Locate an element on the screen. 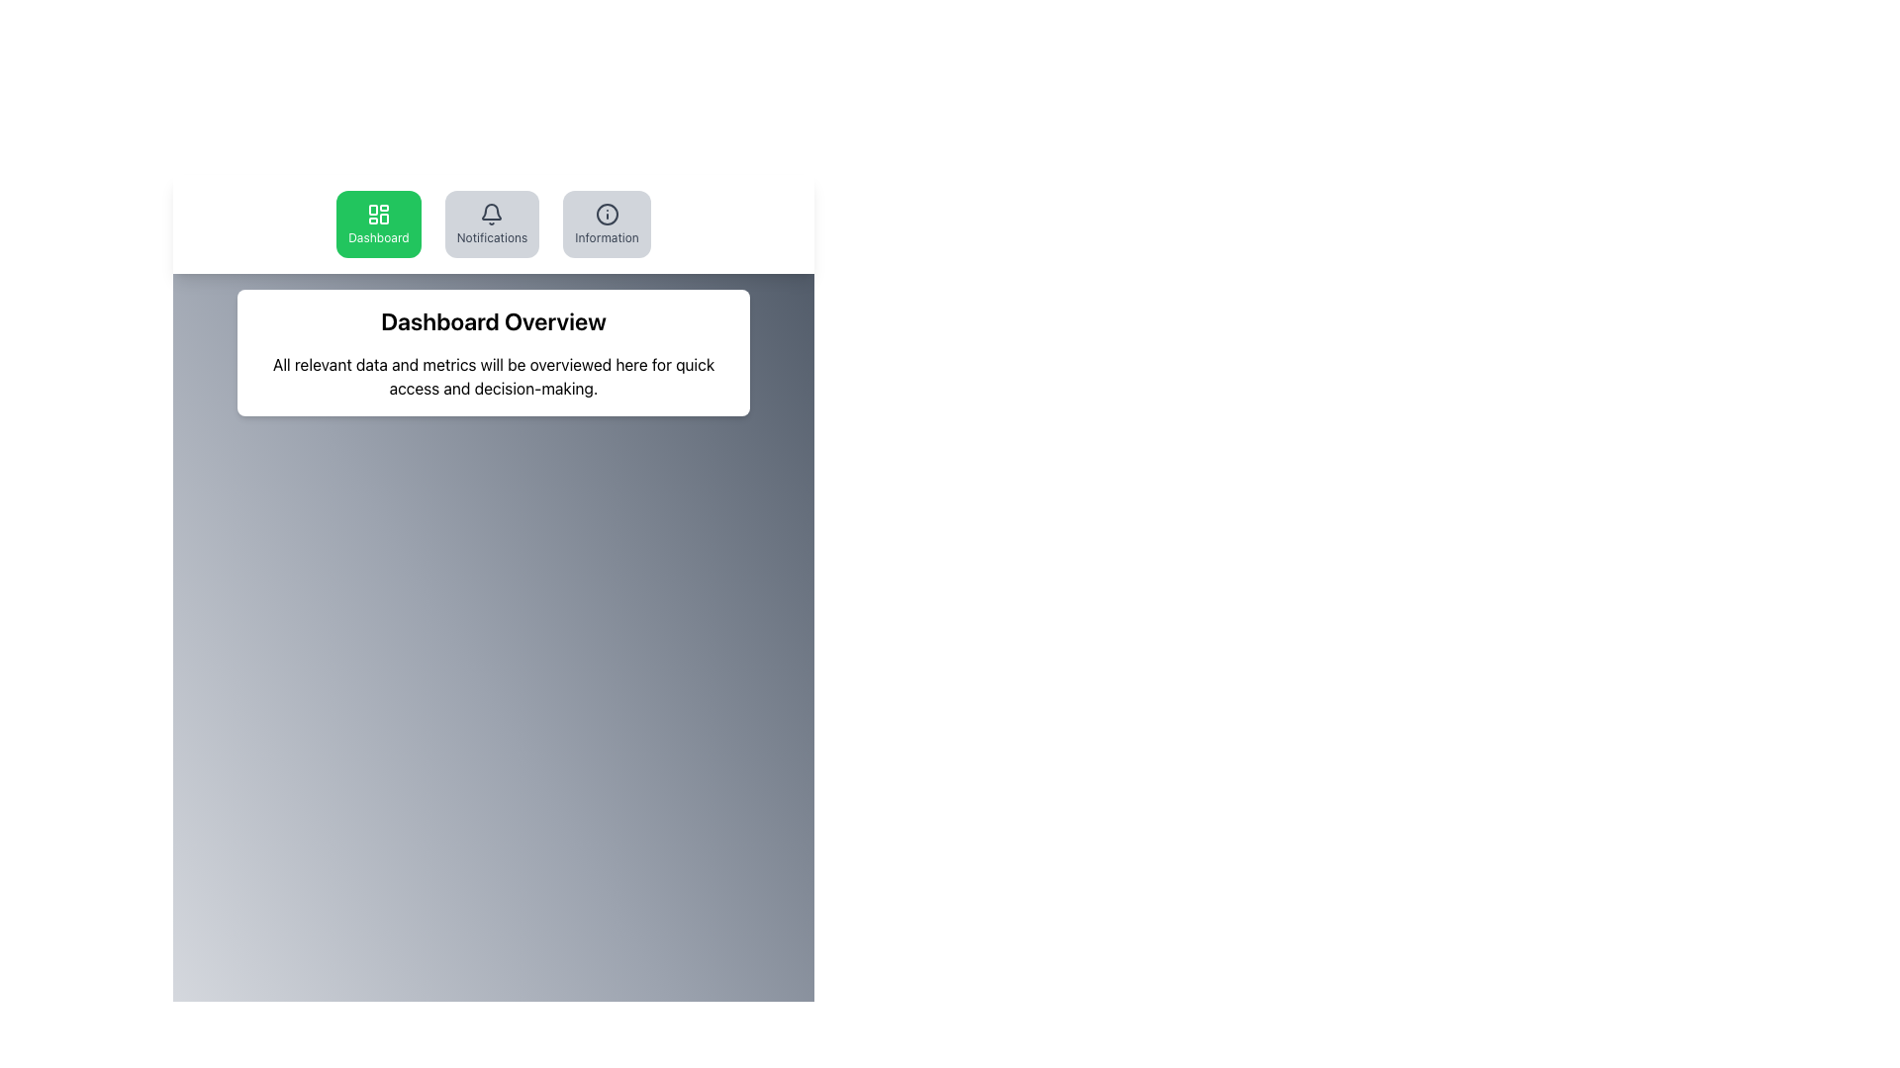 The image size is (1900, 1068). the static text label that provides an overview about the purpose and content of the dashboard, located directly below the bold heading 'Dashboard Overview' is located at coordinates (494, 377).